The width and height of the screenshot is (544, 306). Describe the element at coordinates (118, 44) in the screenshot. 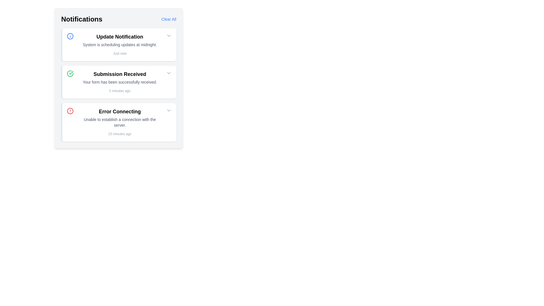

I see `the first notification card that displays a system update about scheduling updates at midnight to get more details` at that location.